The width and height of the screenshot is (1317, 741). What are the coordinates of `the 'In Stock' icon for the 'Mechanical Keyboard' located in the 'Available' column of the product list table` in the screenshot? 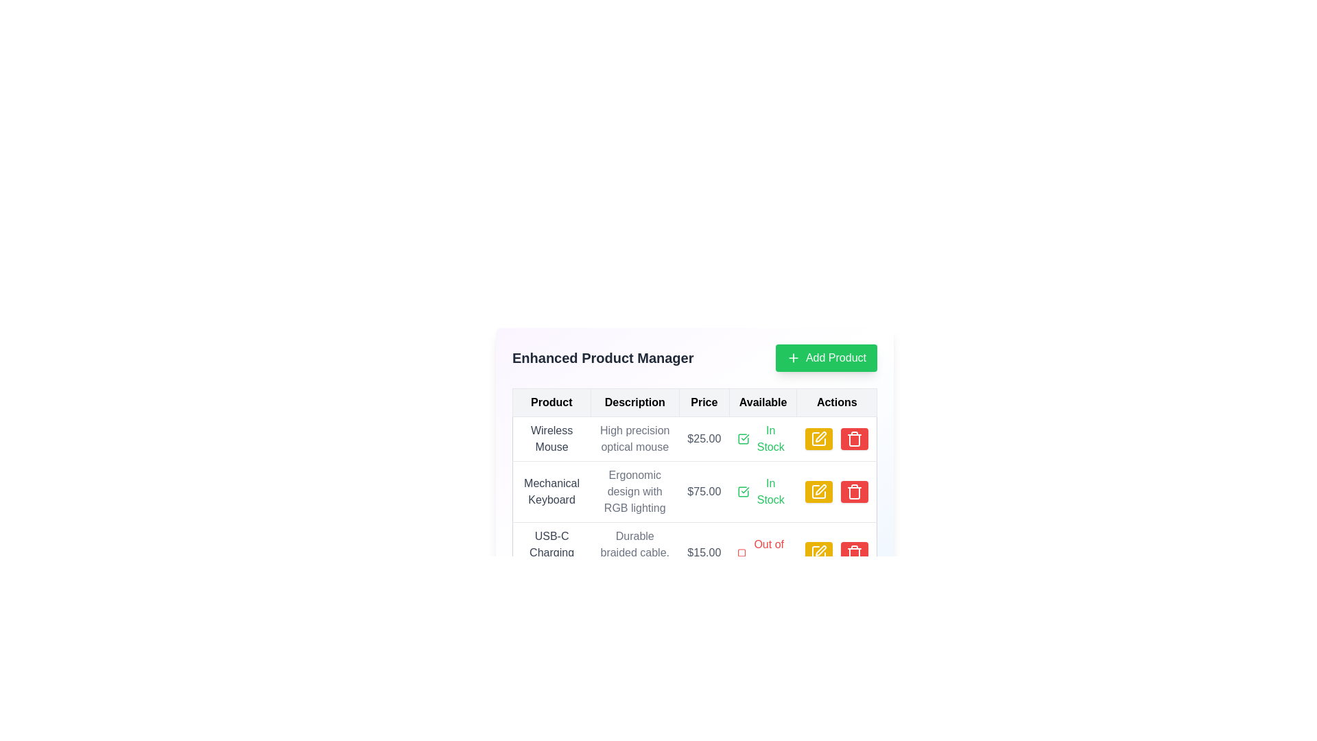 It's located at (743, 491).